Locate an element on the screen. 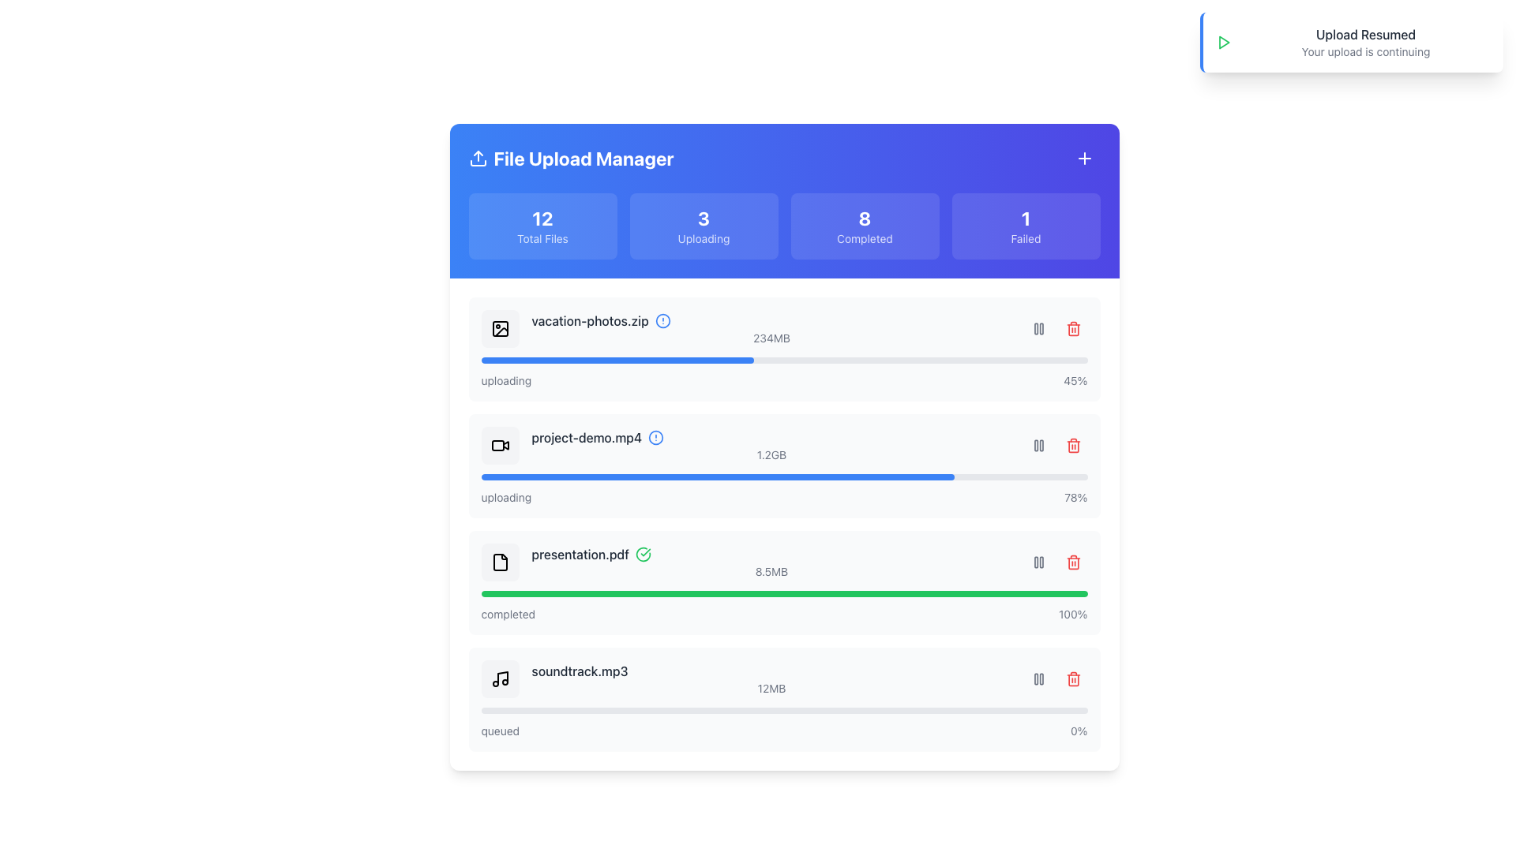 The image size is (1516, 852). the static label displaying the file name and size located in the fourth row of the file list, positioned after 'presentation.pdf' and above the progress bar is located at coordinates (771, 678).